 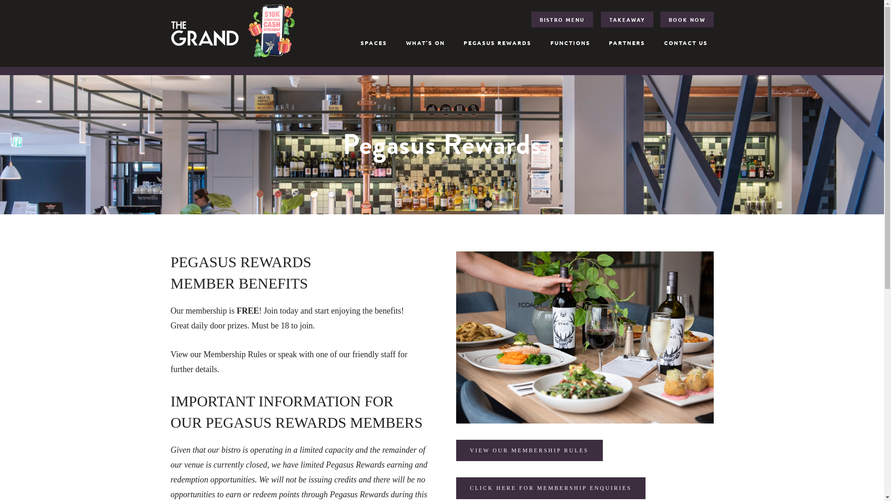 What do you see at coordinates (497, 43) in the screenshot?
I see `'PEGASUS REWARDS'` at bounding box center [497, 43].